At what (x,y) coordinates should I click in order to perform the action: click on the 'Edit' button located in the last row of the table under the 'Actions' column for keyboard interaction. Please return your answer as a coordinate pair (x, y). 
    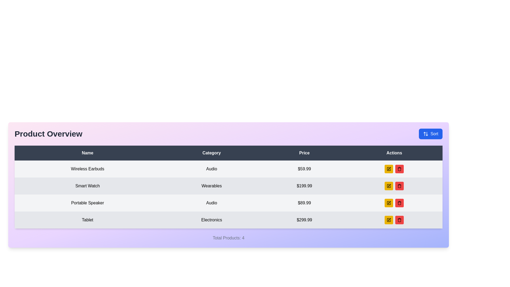
    Looking at the image, I should click on (389, 220).